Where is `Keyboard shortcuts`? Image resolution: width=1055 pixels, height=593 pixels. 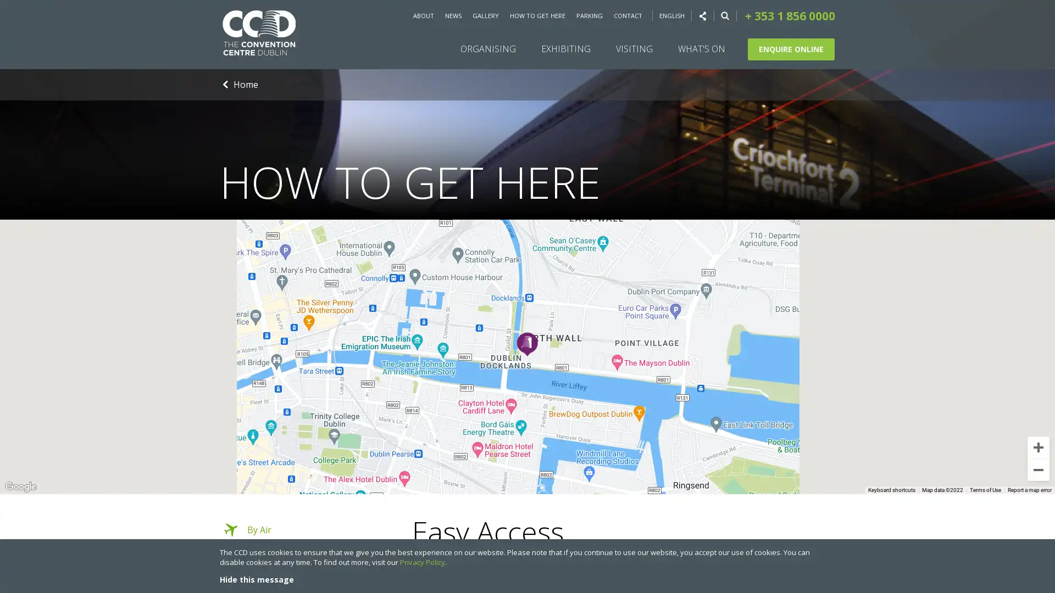
Keyboard shortcuts is located at coordinates (891, 490).